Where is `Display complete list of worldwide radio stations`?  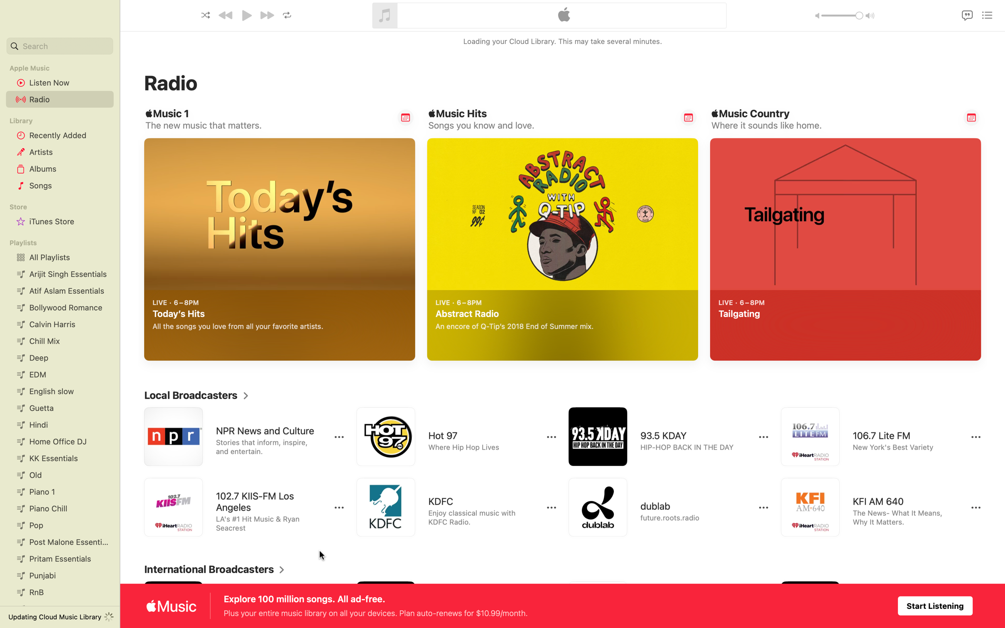 Display complete list of worldwide radio stations is located at coordinates (214, 569).